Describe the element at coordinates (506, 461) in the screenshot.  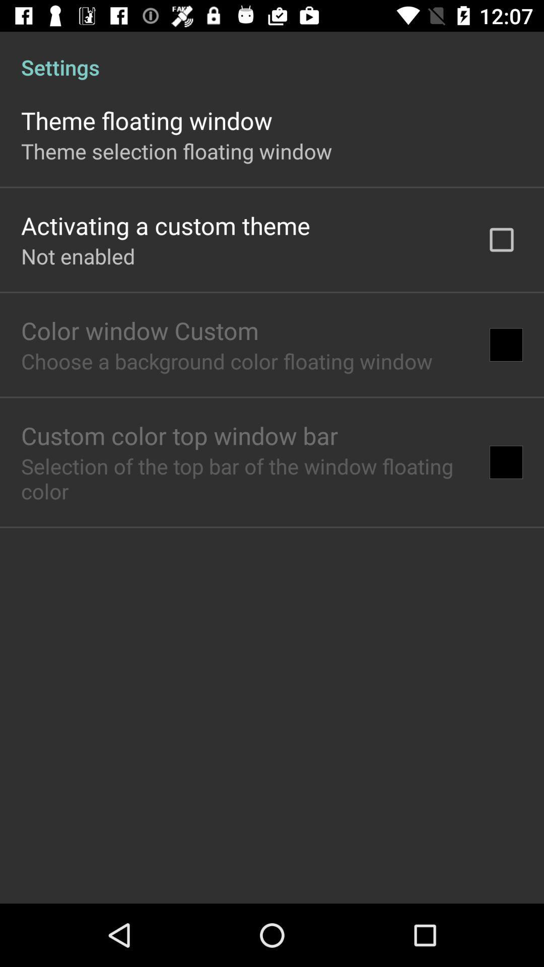
I see `the icon to the right of selection of the icon` at that location.